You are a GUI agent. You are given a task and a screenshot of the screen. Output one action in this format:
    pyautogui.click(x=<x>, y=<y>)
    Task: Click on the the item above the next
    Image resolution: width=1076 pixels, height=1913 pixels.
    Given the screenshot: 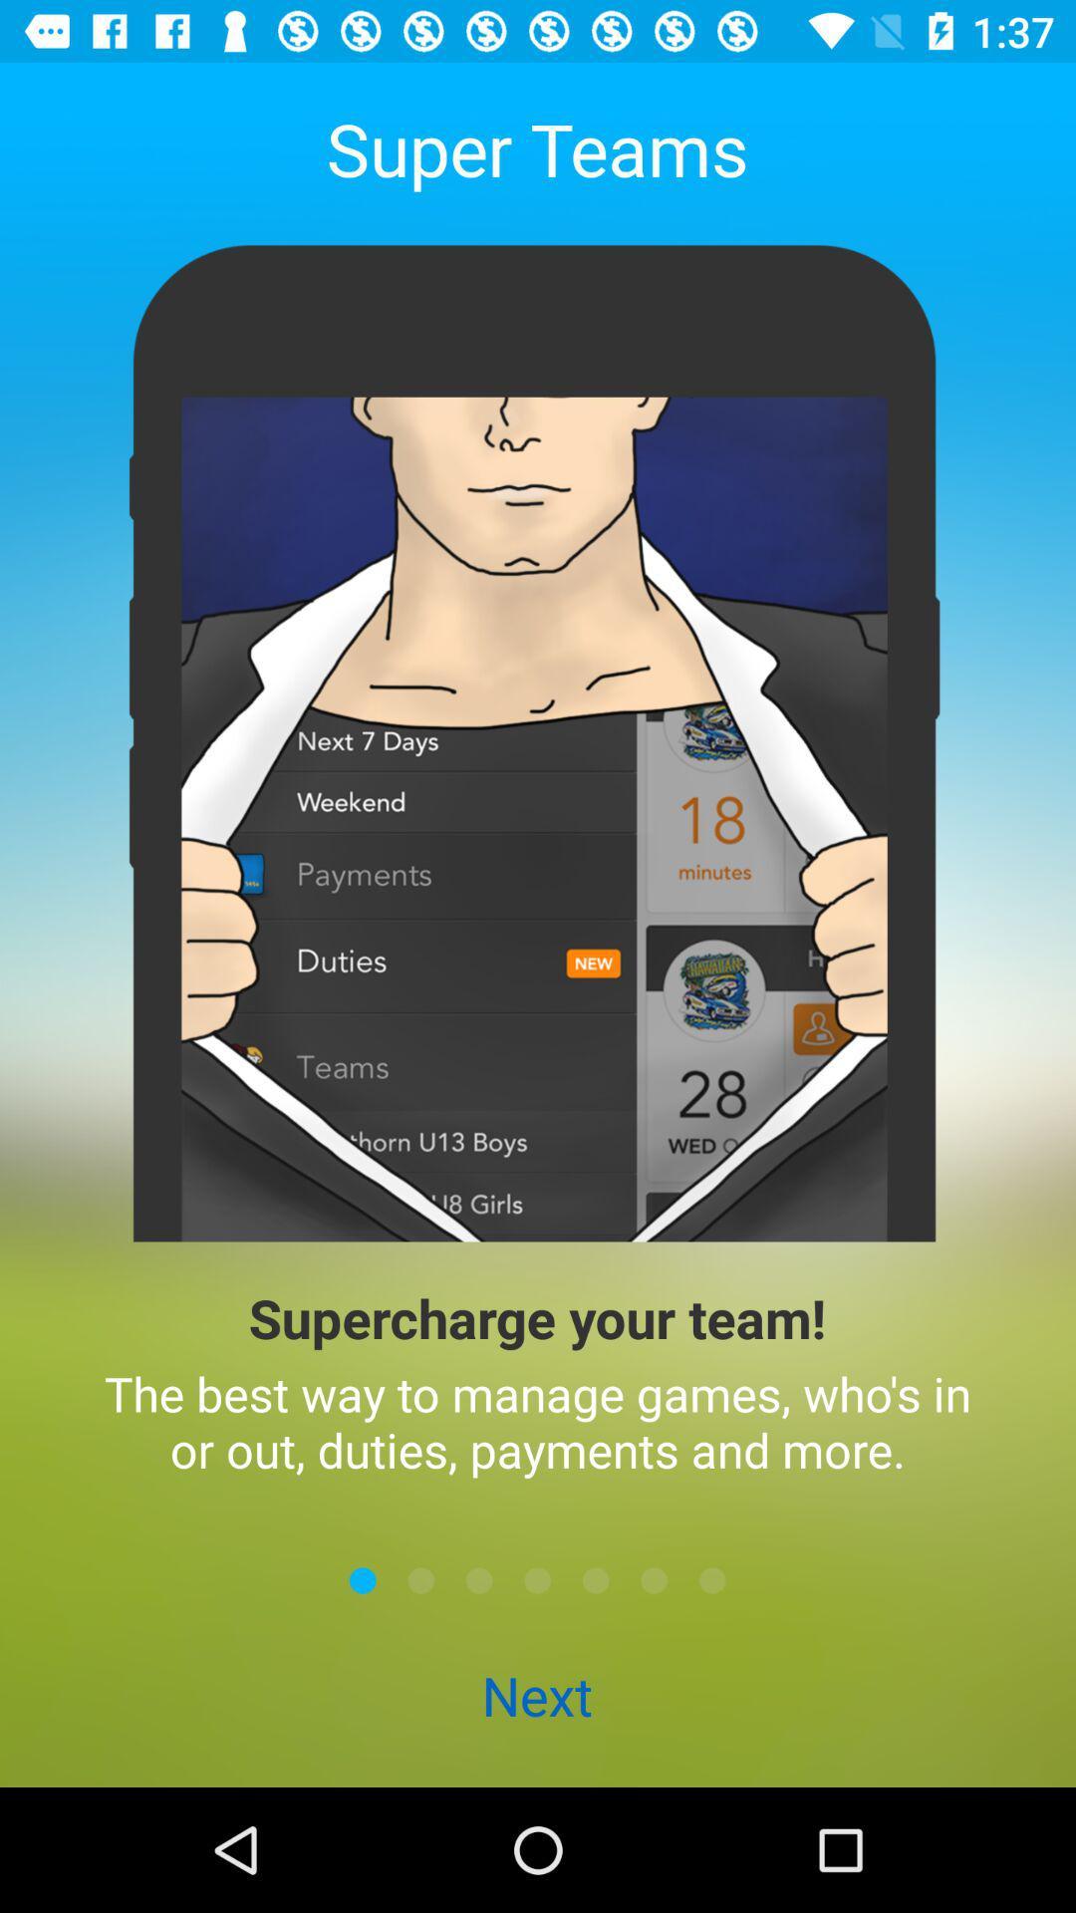 What is the action you would take?
    pyautogui.click(x=595, y=1579)
    